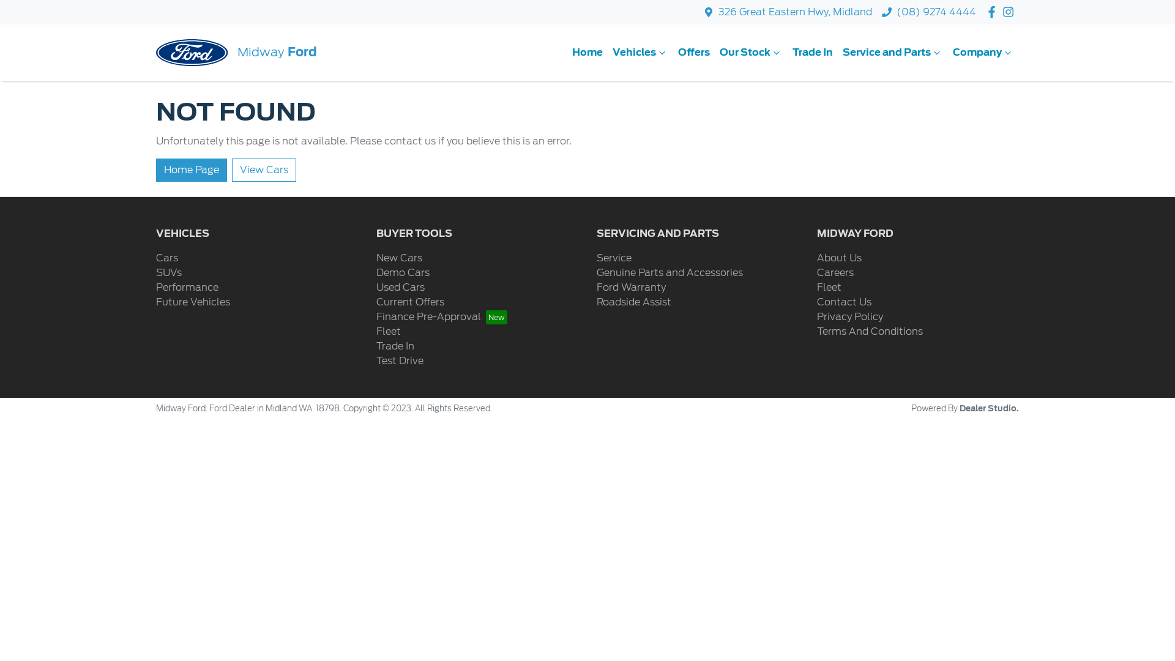 Image resolution: width=1175 pixels, height=661 pixels. I want to click on 'Vehicles', so click(640, 51).